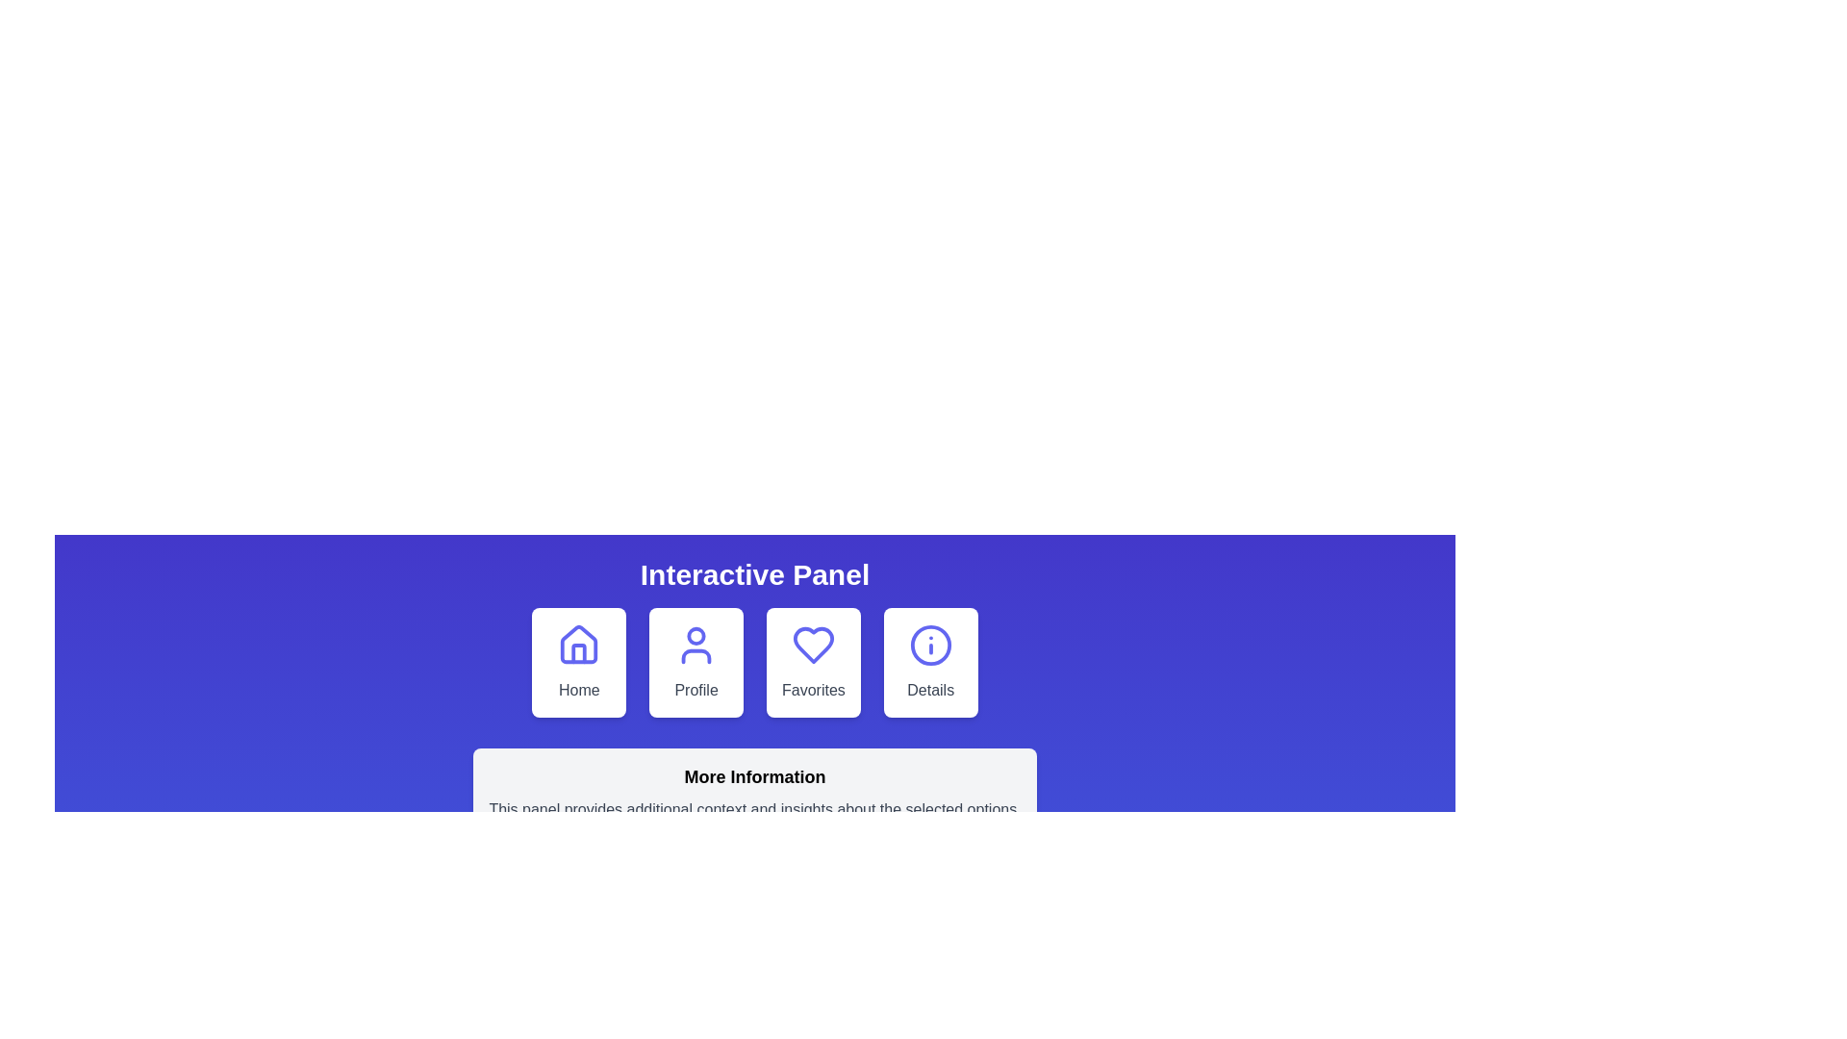 This screenshot has width=1847, height=1039. What do you see at coordinates (813, 689) in the screenshot?
I see `the text label indicating 'Favorites' located in the third card from the left, below the heart icon` at bounding box center [813, 689].